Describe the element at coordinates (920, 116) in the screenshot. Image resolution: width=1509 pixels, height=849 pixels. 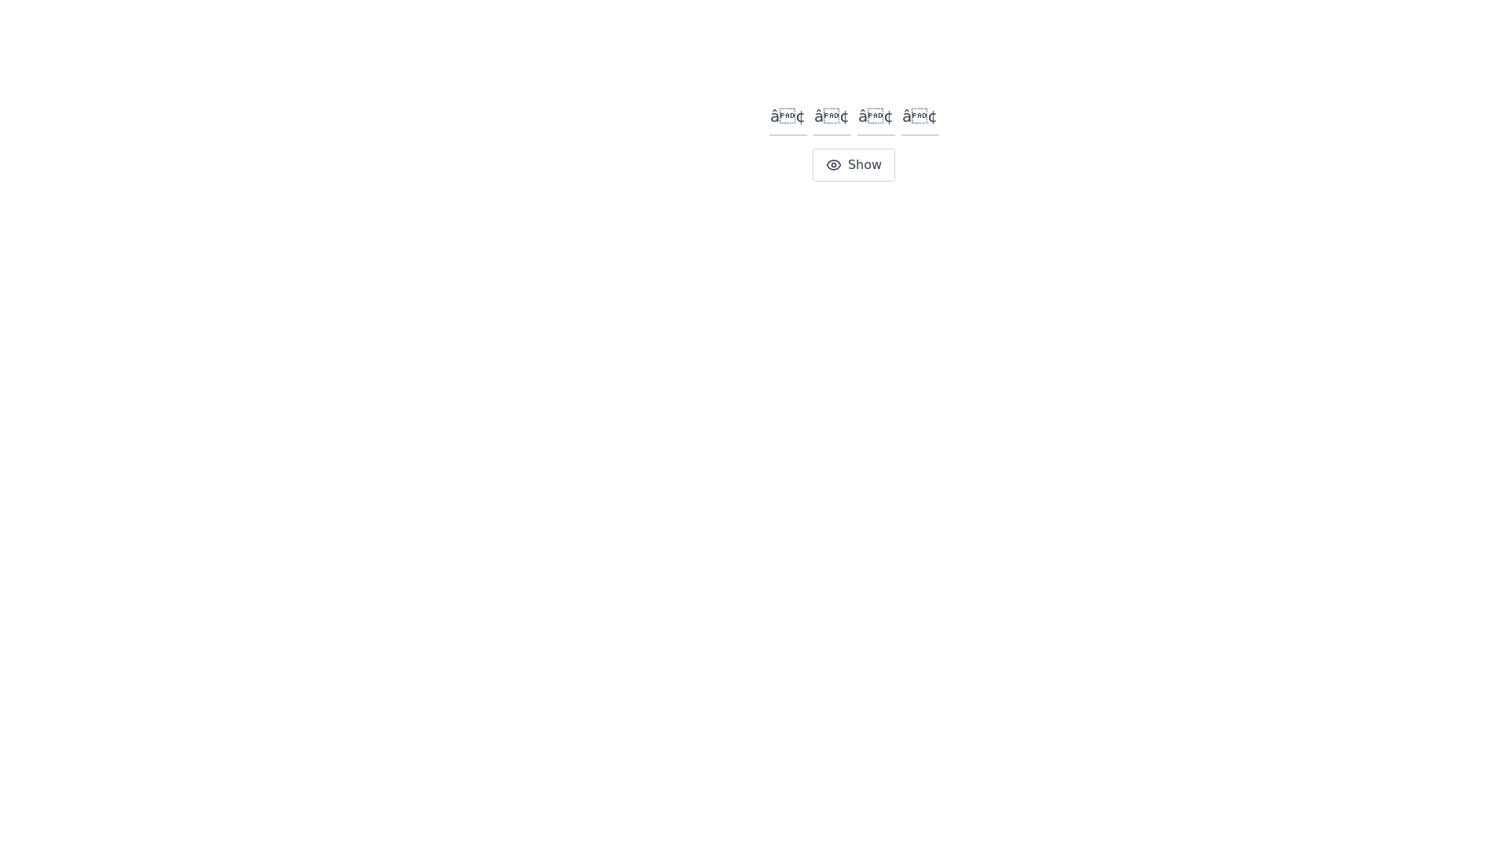
I see `the fourth text input box in a row of four to focus on it` at that location.